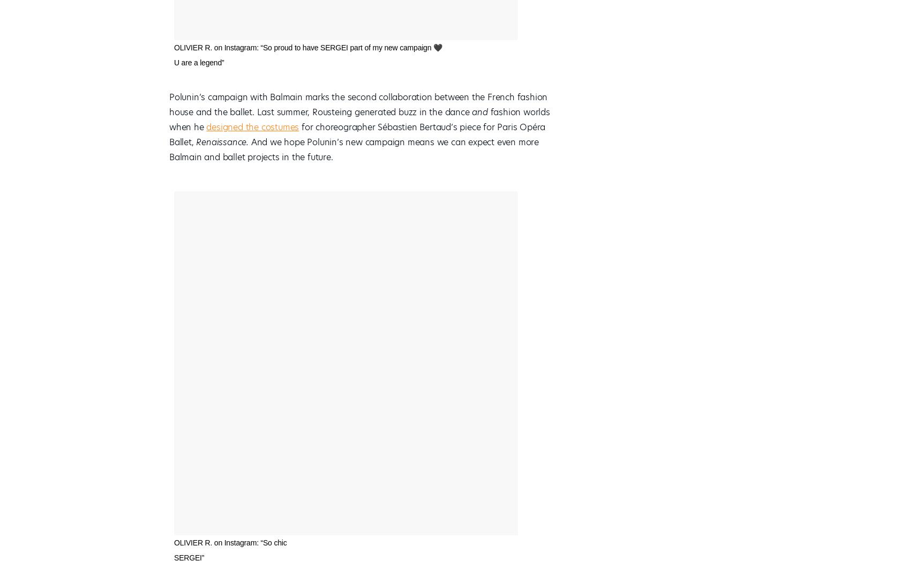 The width and height of the screenshot is (901, 561). I want to click on 'for choreographer Sébastien Bertaud’s piece for Paris Opéra Ballet,', so click(169, 134).